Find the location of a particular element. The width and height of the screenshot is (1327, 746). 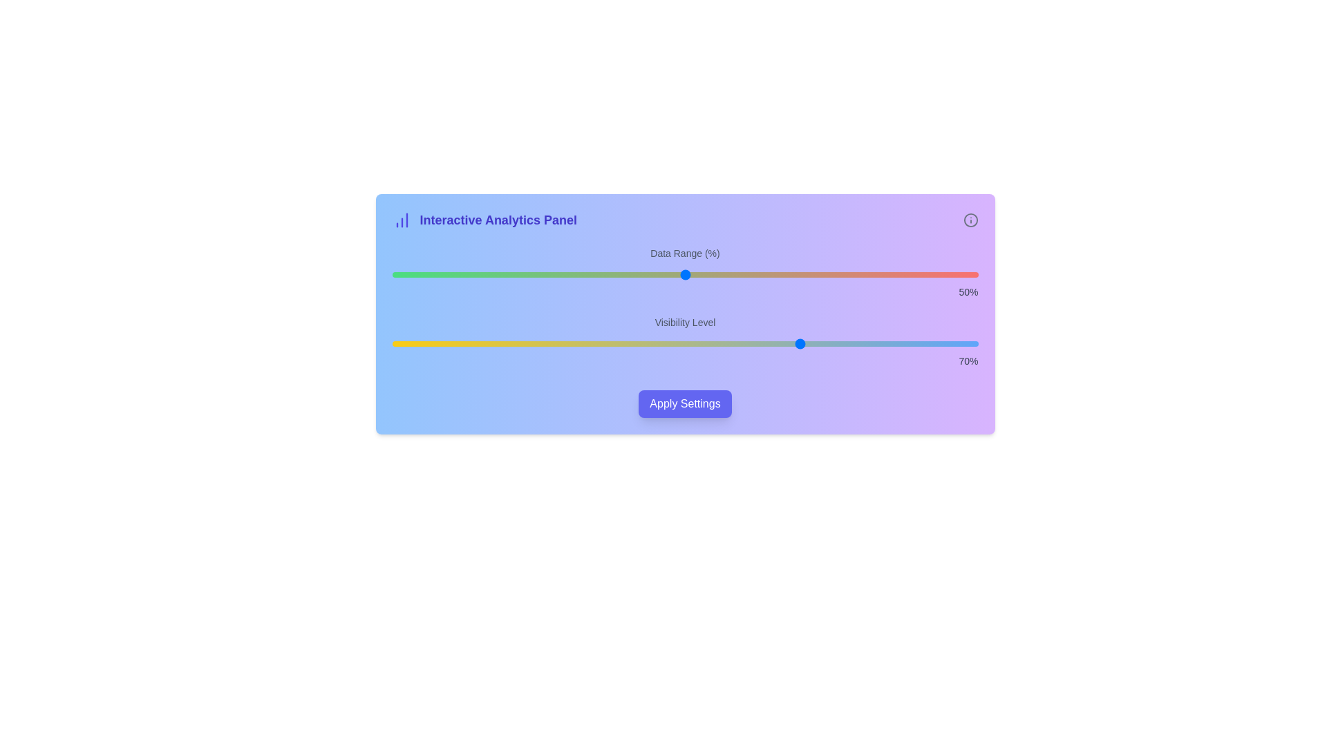

the 'Visibility Level' slider to set its value to 5% is located at coordinates (420, 343).